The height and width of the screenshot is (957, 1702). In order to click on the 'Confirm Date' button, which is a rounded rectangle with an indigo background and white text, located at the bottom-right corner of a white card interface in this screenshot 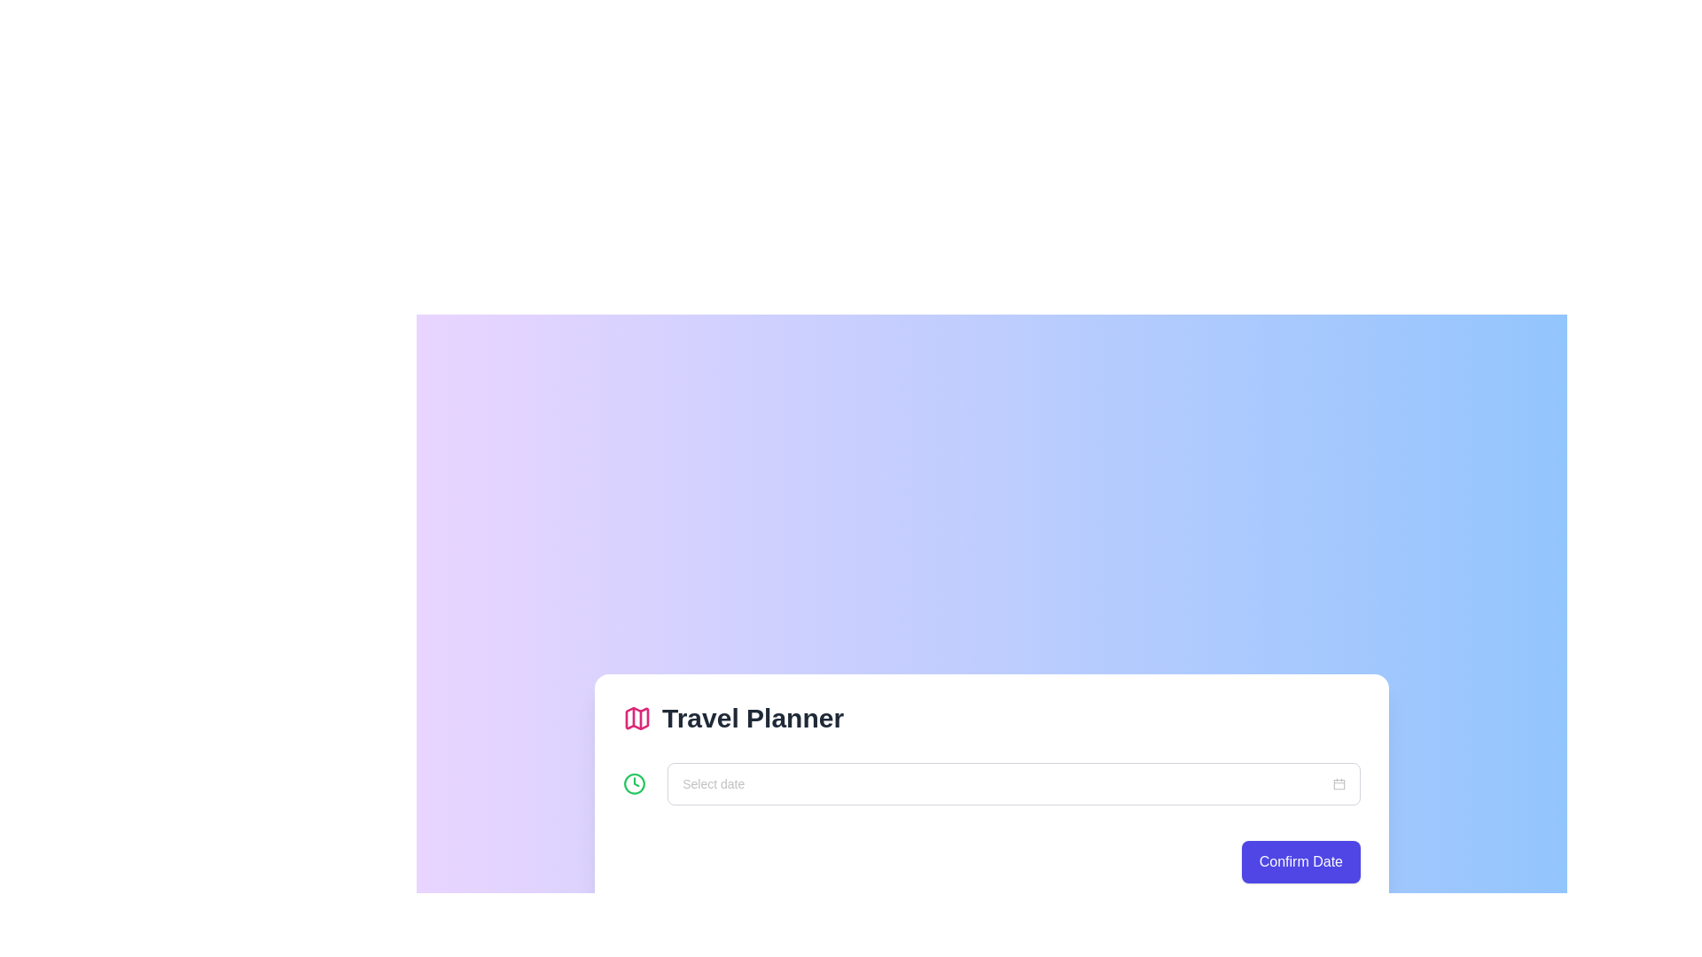, I will do `click(1300, 860)`.